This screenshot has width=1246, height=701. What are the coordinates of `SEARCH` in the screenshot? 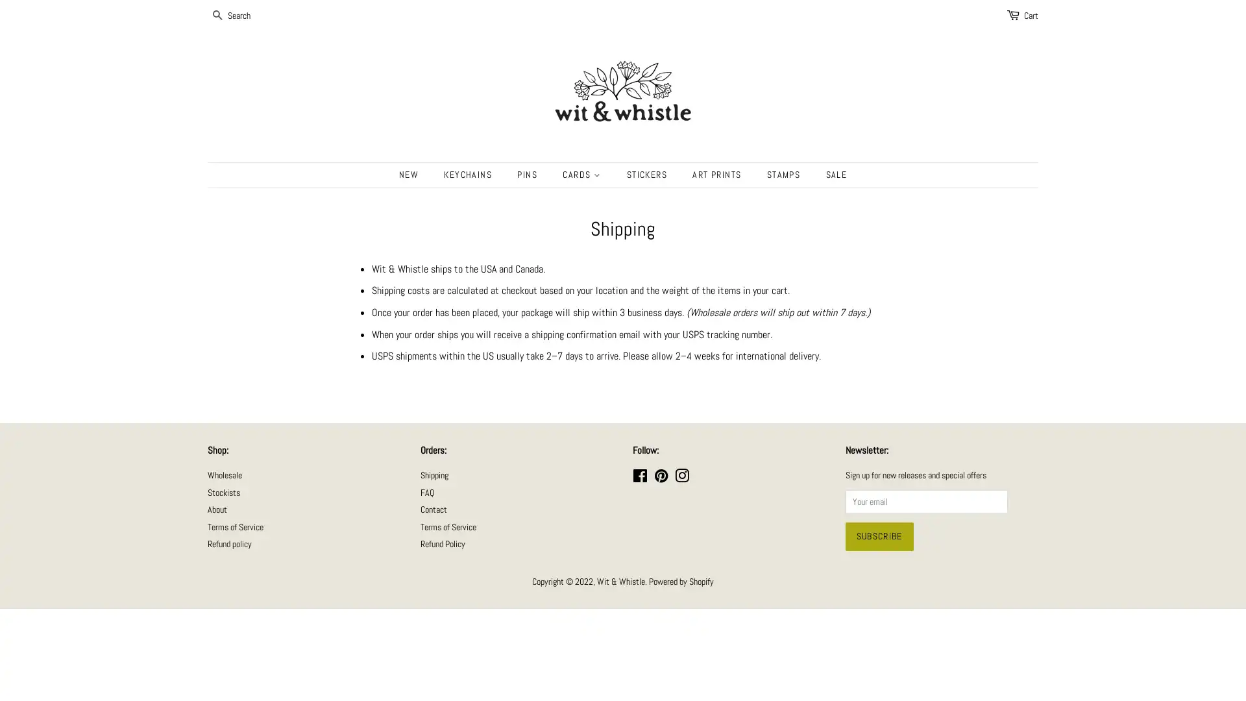 It's located at (218, 16).